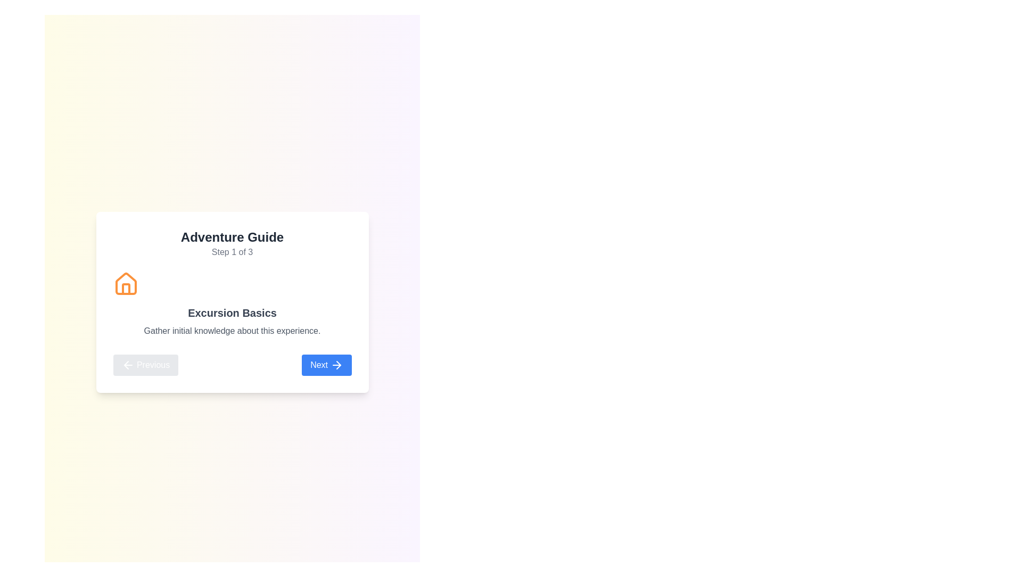 The height and width of the screenshot is (575, 1022). What do you see at coordinates (326, 365) in the screenshot?
I see `the 'Next' button, which has white text on a blue background with rounded corners and an arrow icon, located at the bottom-right of a card layout` at bounding box center [326, 365].